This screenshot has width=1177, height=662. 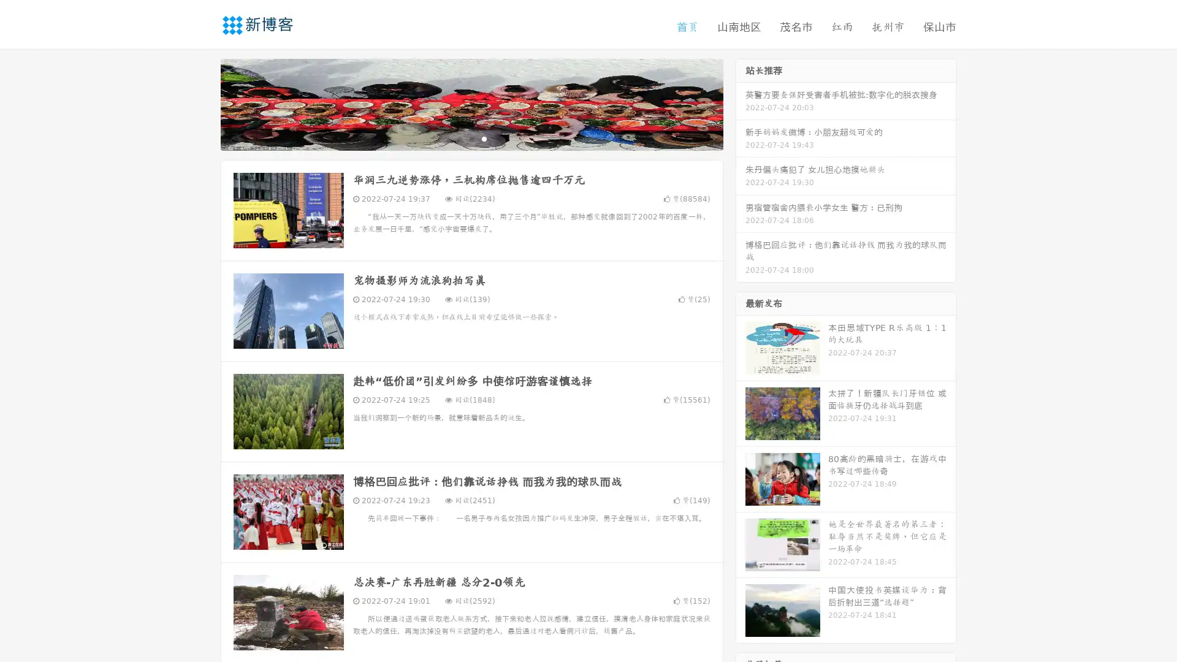 What do you see at coordinates (484, 138) in the screenshot?
I see `Go to slide 3` at bounding box center [484, 138].